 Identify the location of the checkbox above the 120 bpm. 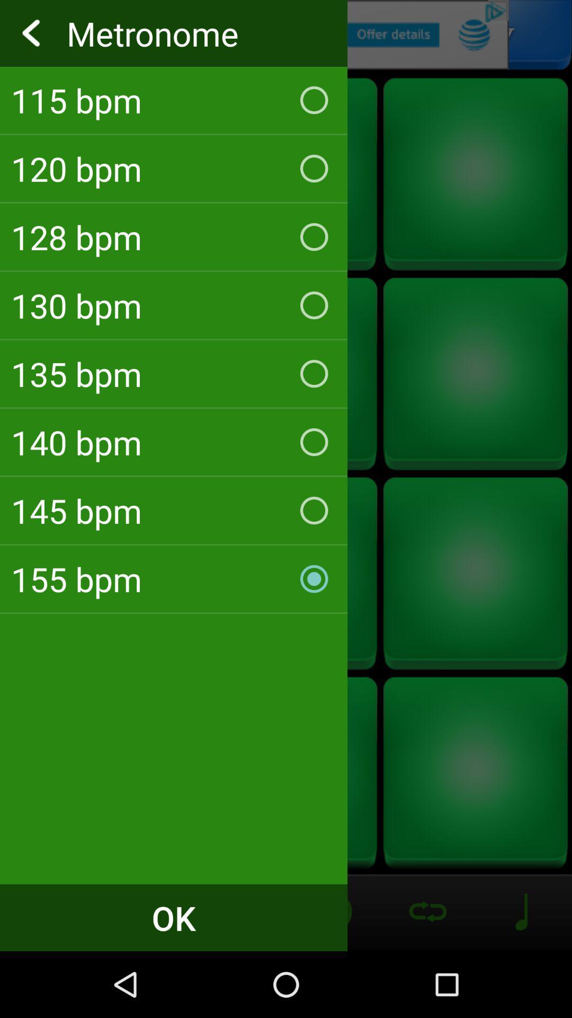
(173, 100).